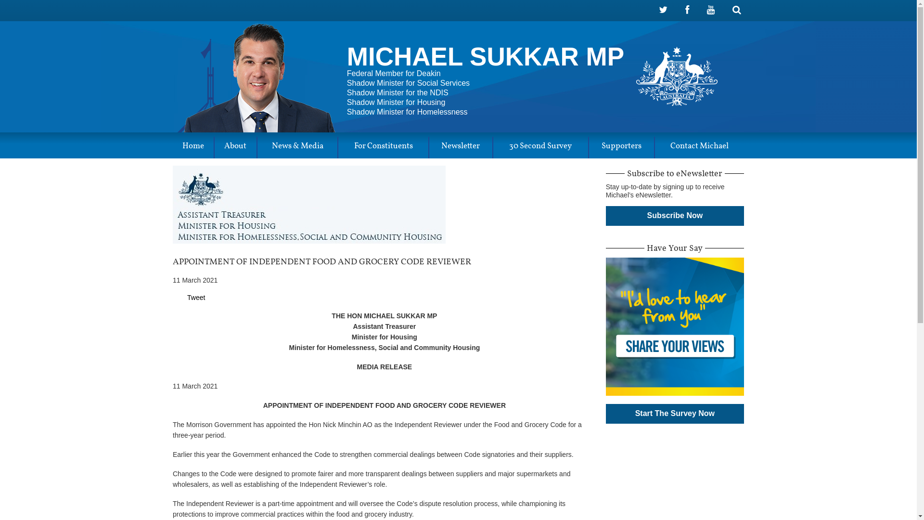 Image resolution: width=924 pixels, height=520 pixels. I want to click on 'For Constituents', so click(383, 147).